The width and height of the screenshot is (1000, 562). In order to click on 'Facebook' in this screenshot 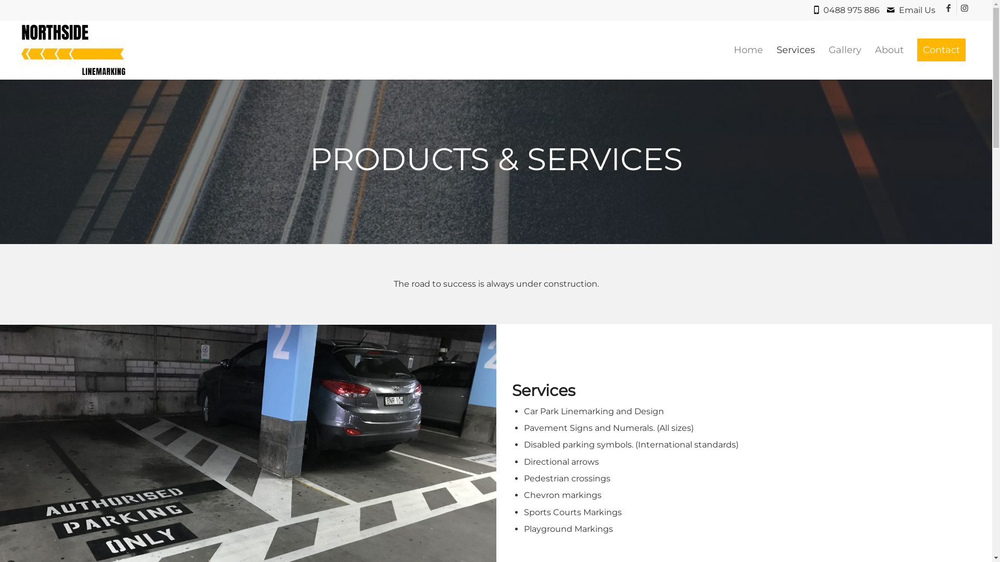, I will do `click(948, 8)`.